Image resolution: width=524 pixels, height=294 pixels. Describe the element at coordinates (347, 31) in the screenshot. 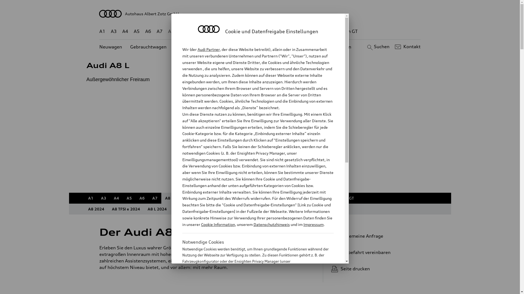

I see `'e-tron GT'` at that location.